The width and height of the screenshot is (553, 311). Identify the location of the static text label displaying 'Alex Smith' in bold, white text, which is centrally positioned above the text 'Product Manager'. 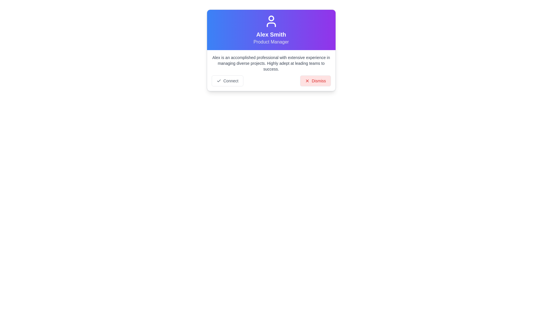
(271, 34).